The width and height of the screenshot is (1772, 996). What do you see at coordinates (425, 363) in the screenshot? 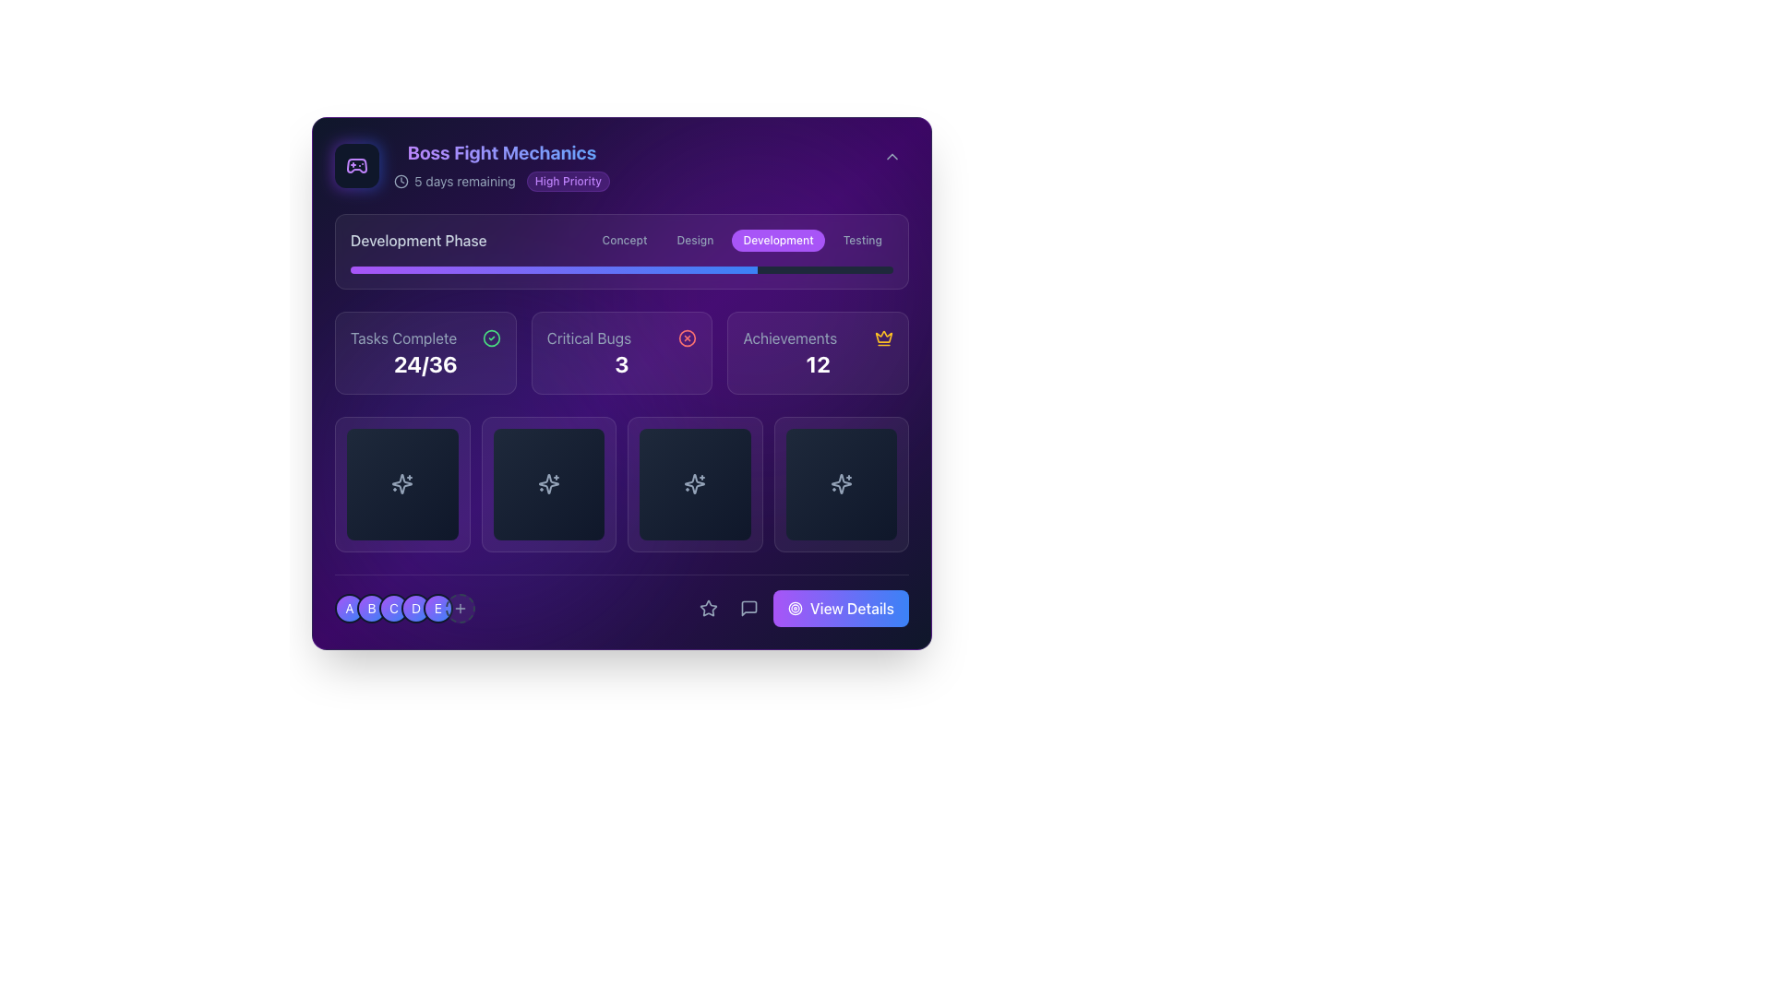
I see `the bold numeric text label '24/36', which is styled in white and changes color on hover, located directly below 'Tasks Complete' in the information panel` at bounding box center [425, 363].